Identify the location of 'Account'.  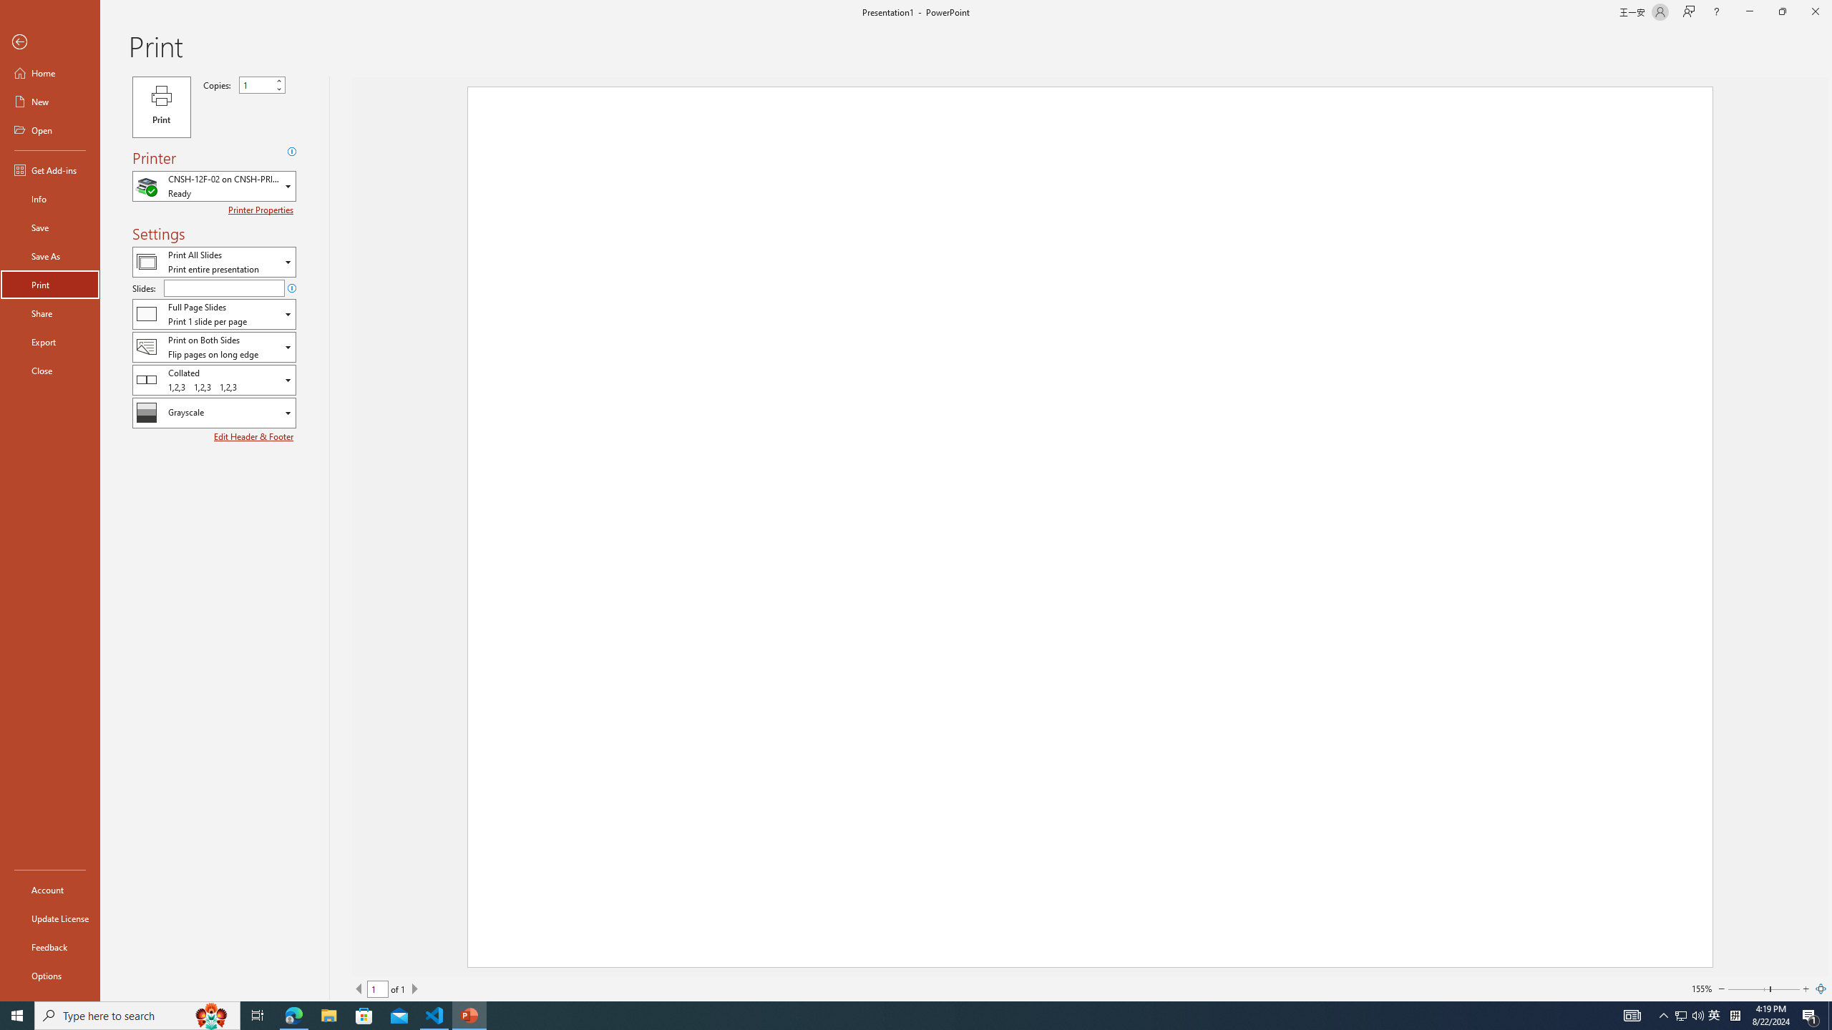
(49, 890).